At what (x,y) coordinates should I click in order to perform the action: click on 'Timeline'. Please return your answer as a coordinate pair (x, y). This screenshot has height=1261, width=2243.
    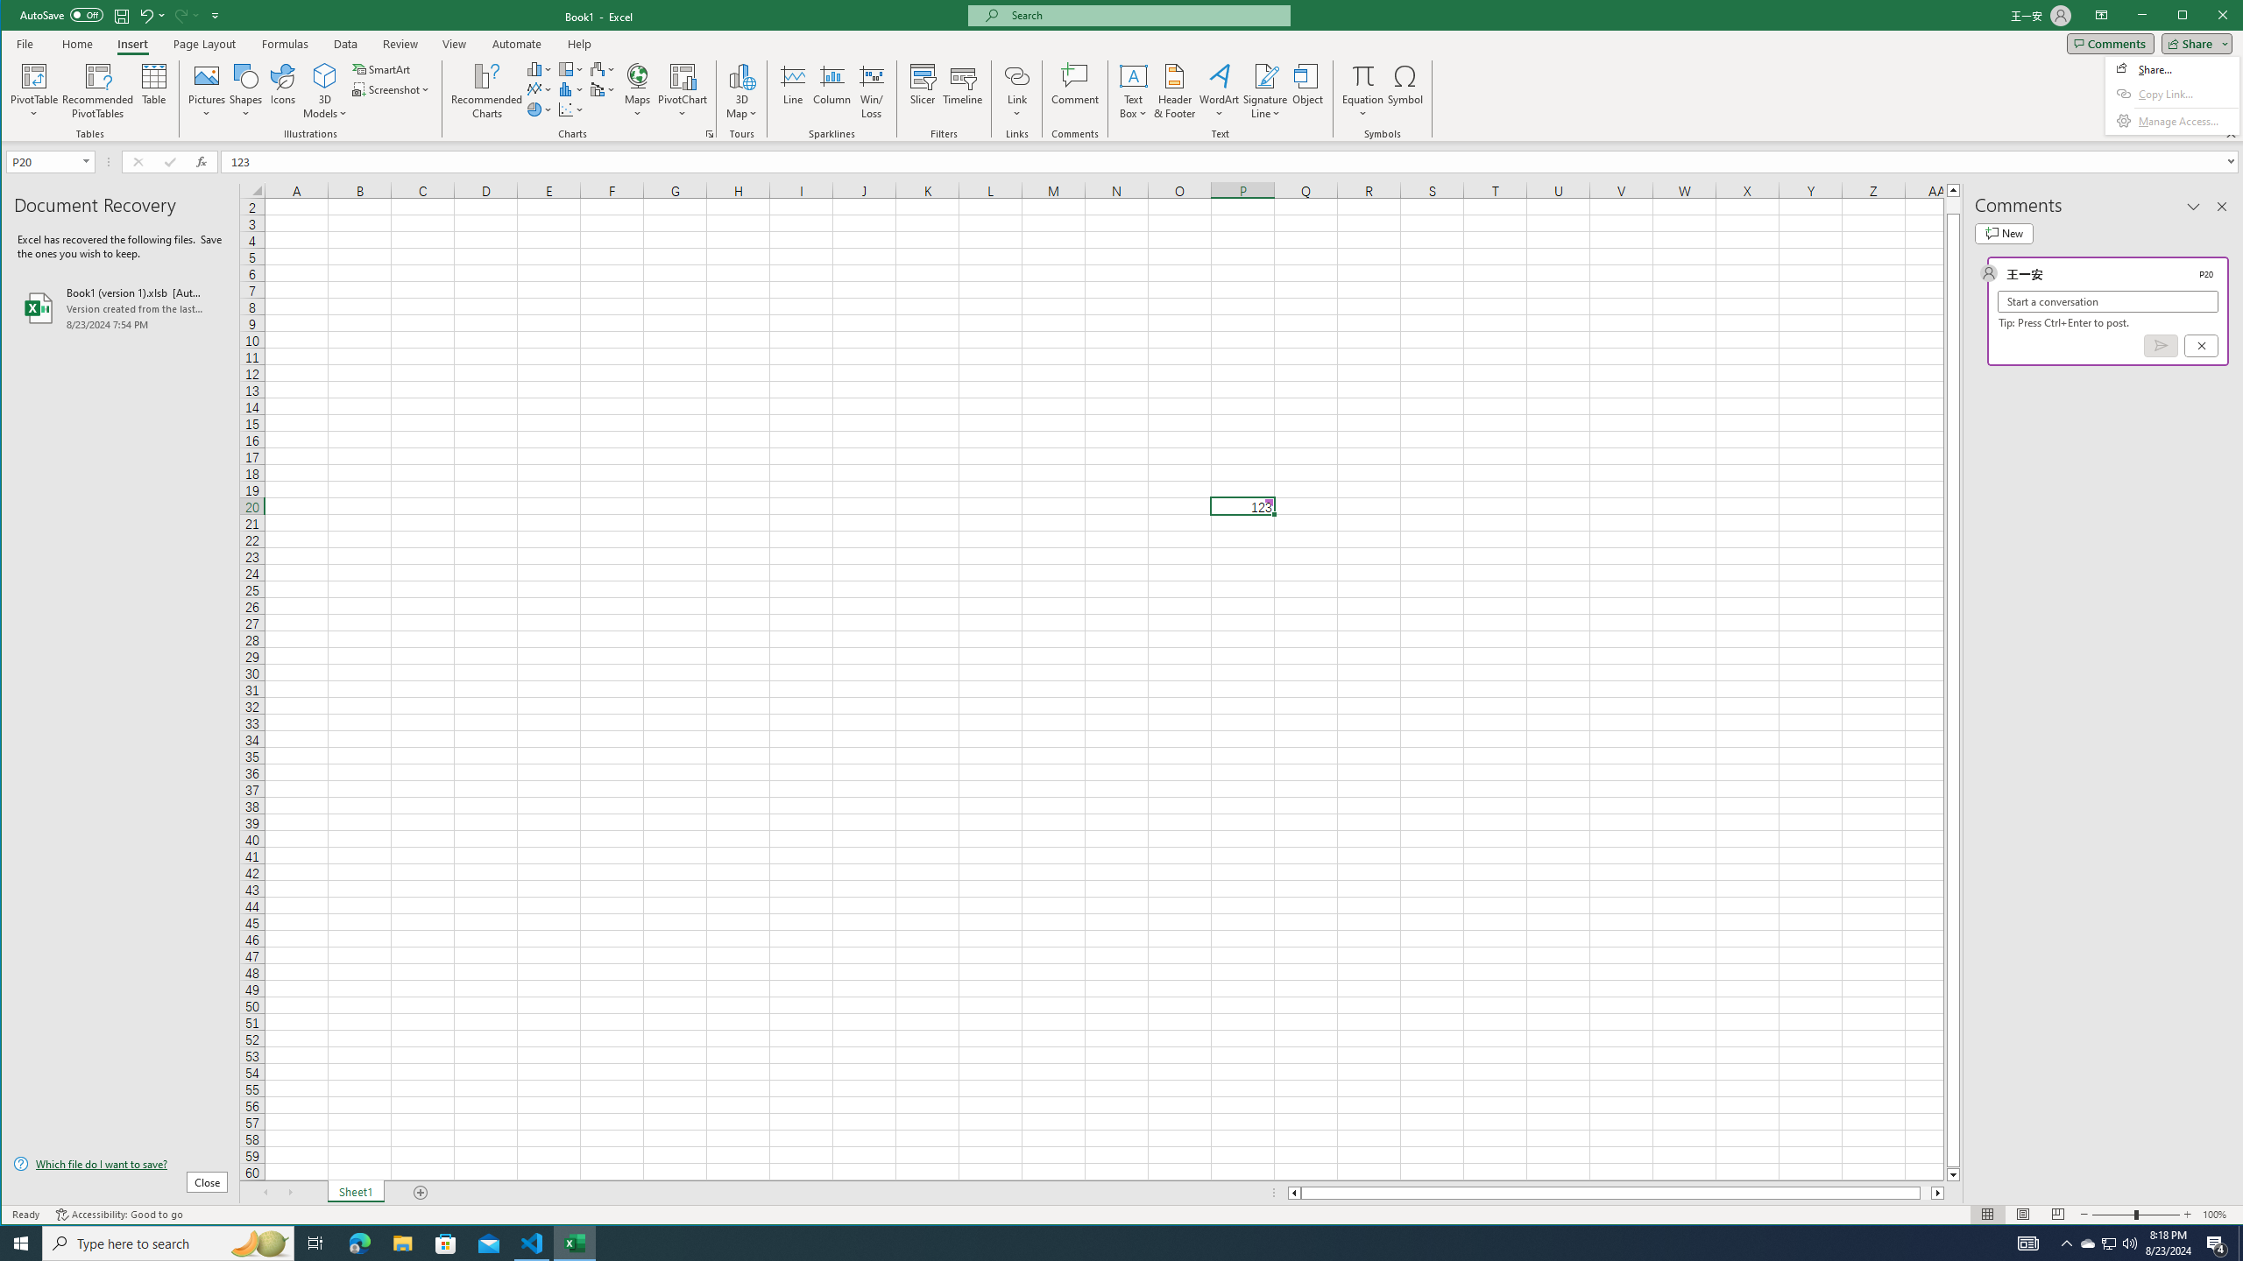
    Looking at the image, I should click on (962, 90).